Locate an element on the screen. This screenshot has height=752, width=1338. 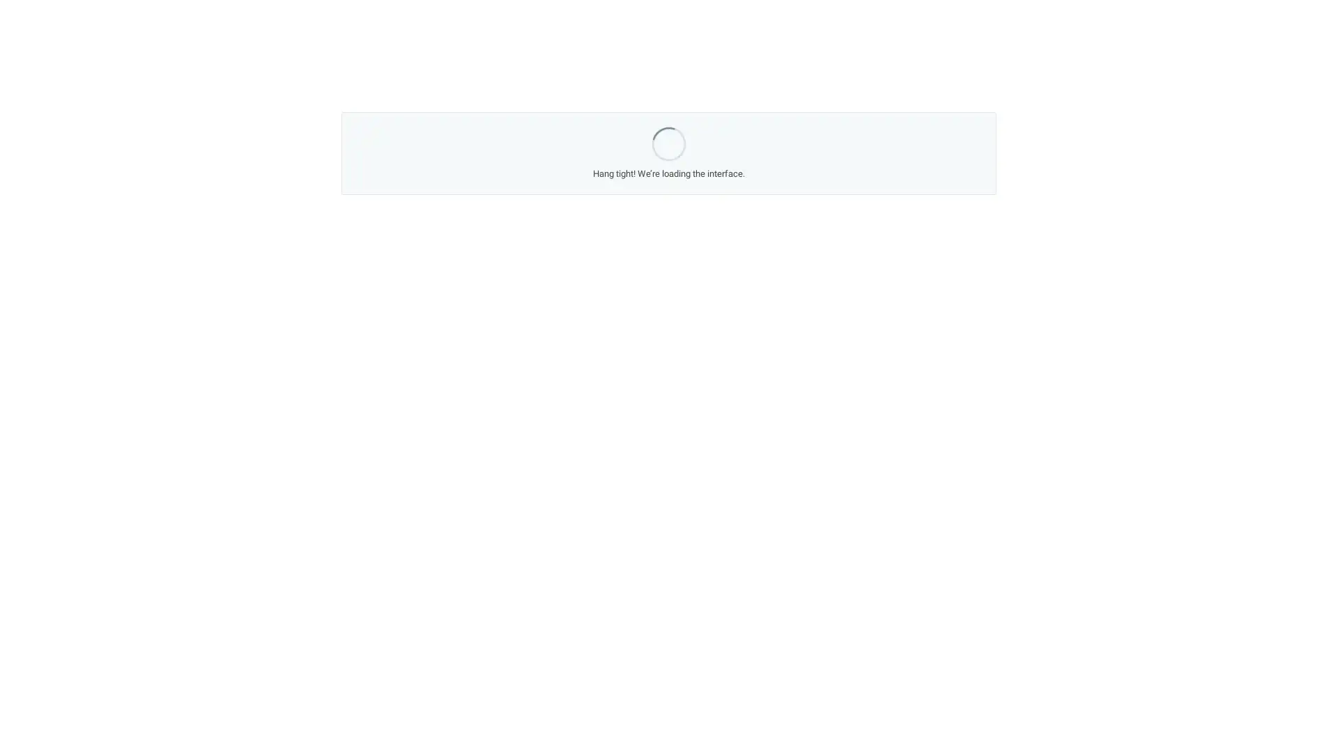
Browse Directory is located at coordinates (838, 330).